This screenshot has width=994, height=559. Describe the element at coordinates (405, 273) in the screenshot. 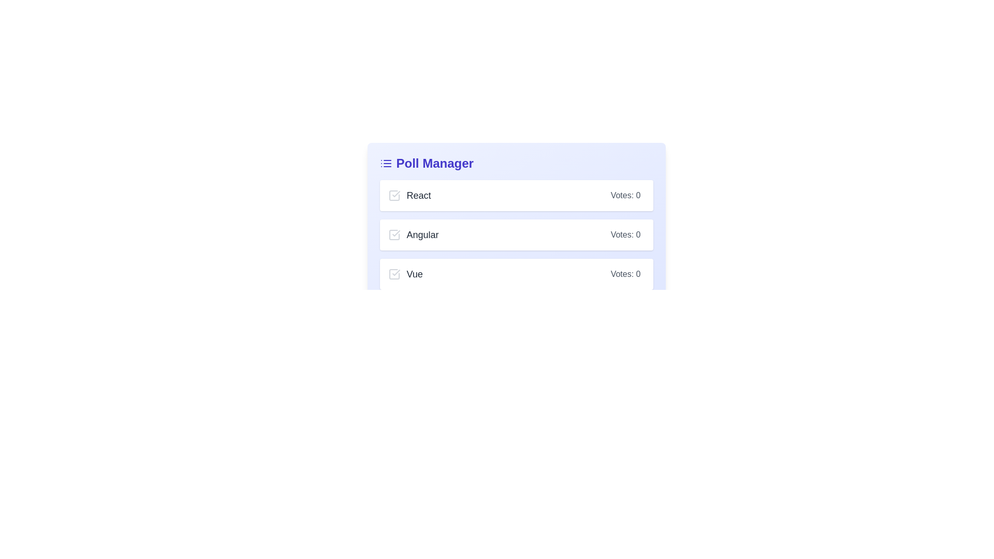

I see `the label for the third selectable option 'Vue' within the poll interface, located beneath the 'Poll Manager' header and adjacent to a 'Votes: 0' label` at that location.